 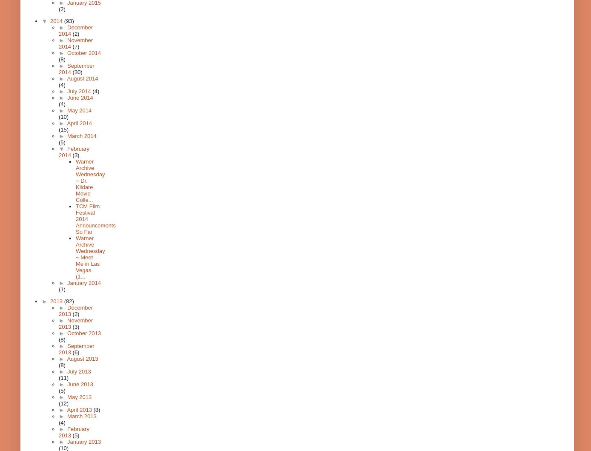 I want to click on 'May 2014', so click(x=79, y=110).